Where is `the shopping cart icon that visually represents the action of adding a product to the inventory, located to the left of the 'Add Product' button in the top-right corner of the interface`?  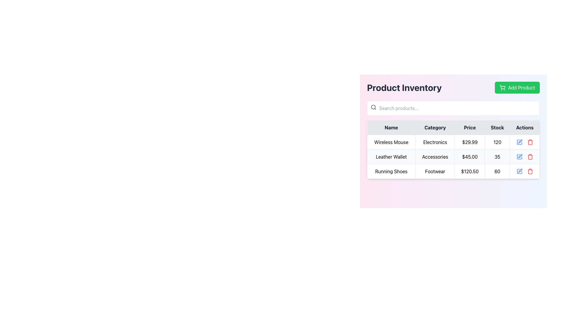
the shopping cart icon that visually represents the action of adding a product to the inventory, located to the left of the 'Add Product' button in the top-right corner of the interface is located at coordinates (502, 87).